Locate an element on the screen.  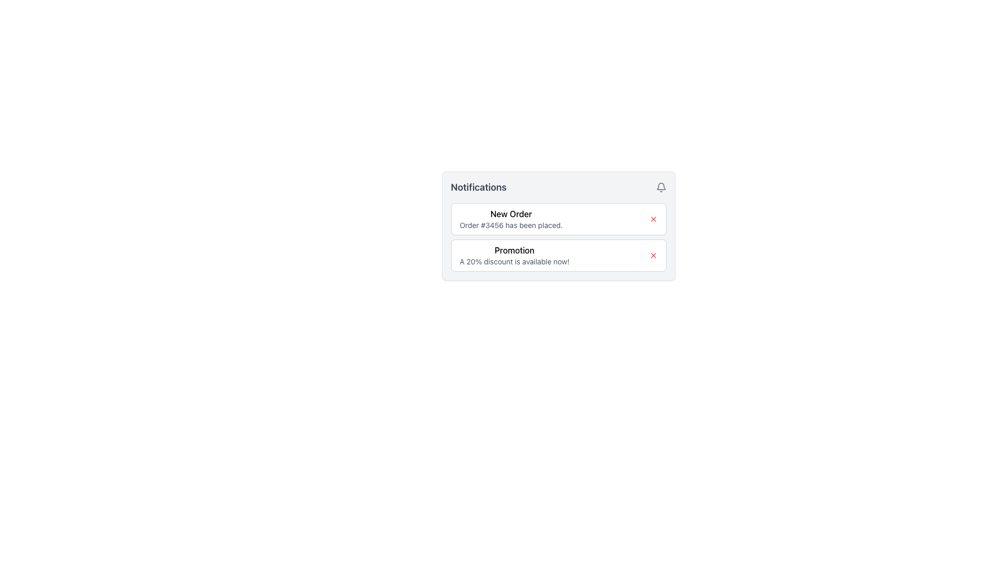
the static text element that displays 'New Order' and 'Order #3456 has been placed.' in the first notification card is located at coordinates (511, 218).